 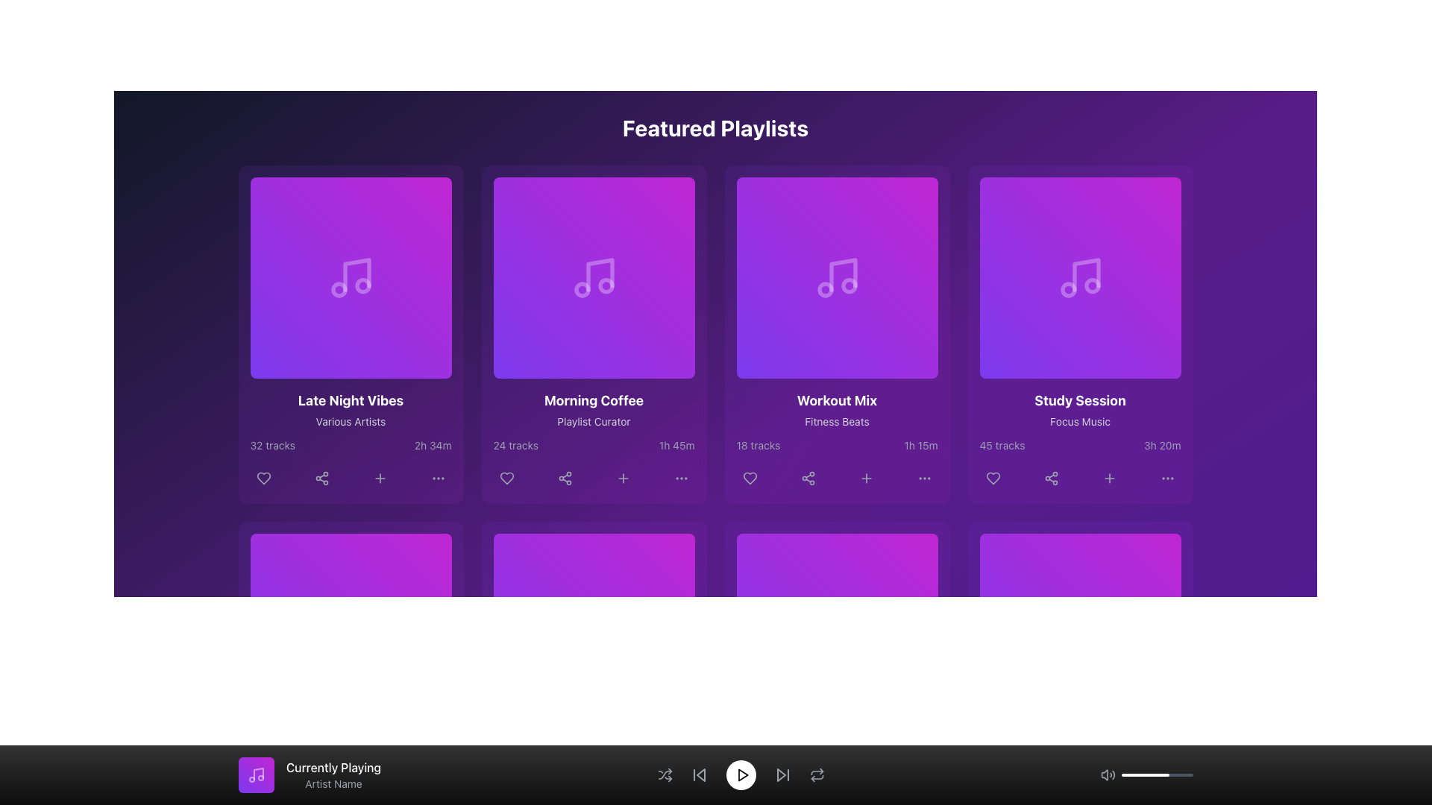 I want to click on the share icon button located in the control area of the 'Late Night Vibes' playlist card, positioned between the heart icon and the plus icon, so click(x=321, y=478).